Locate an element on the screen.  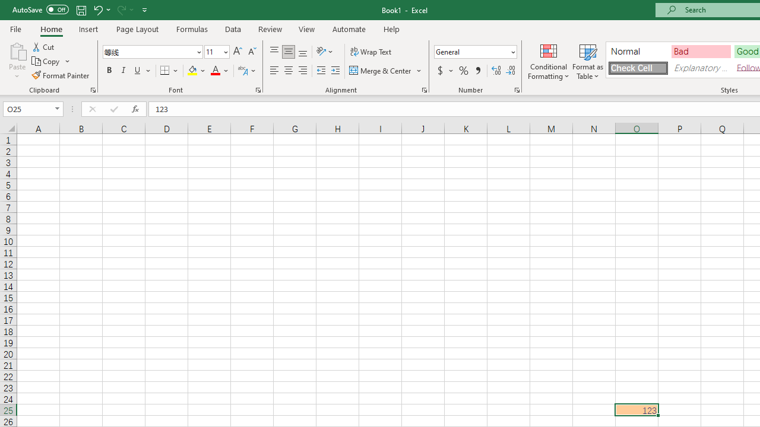
'Bottom Align' is located at coordinates (303, 51).